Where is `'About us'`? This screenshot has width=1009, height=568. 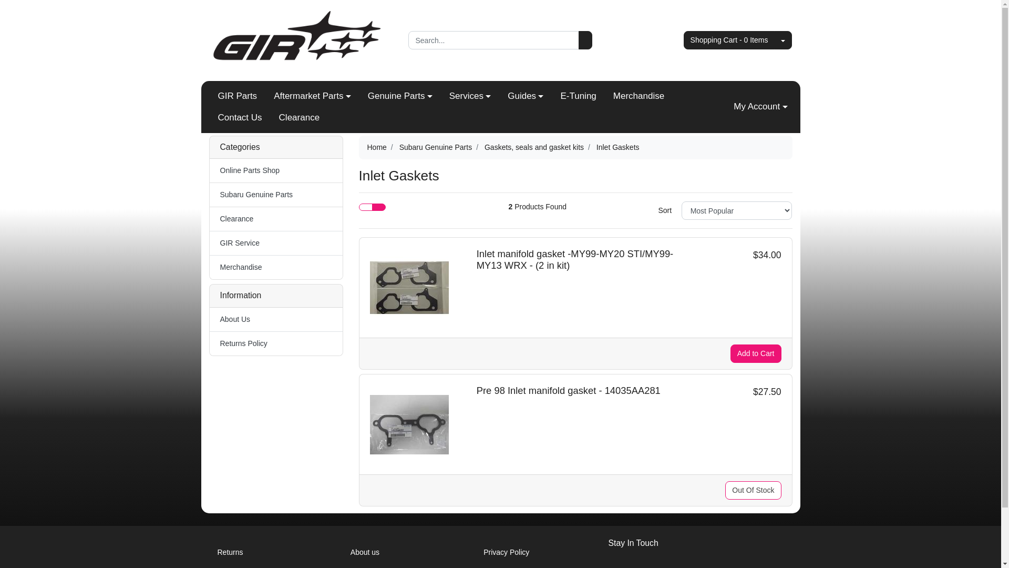 'About us' is located at coordinates (342, 552).